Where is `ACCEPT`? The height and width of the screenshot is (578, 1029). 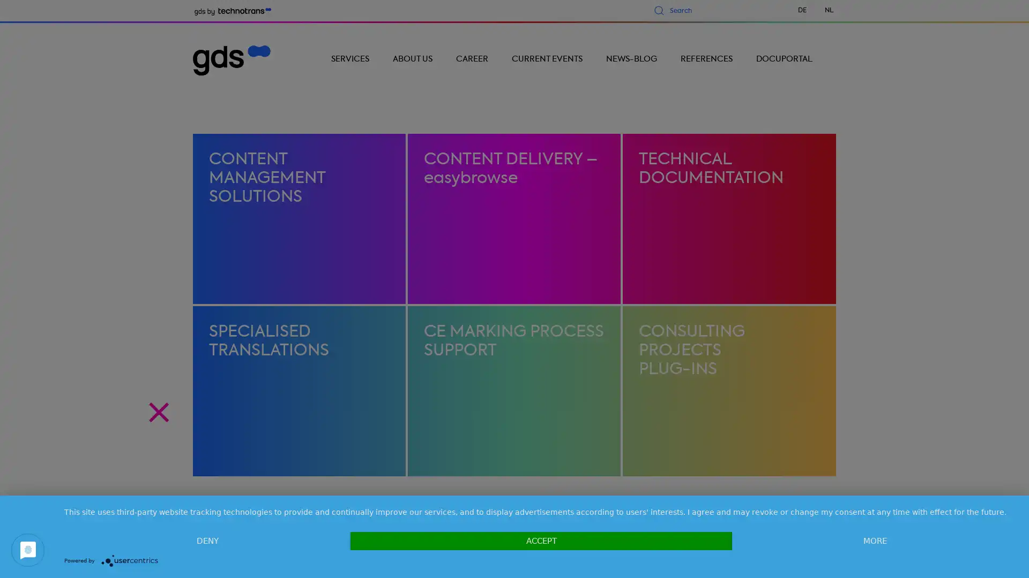 ACCEPT is located at coordinates (541, 541).